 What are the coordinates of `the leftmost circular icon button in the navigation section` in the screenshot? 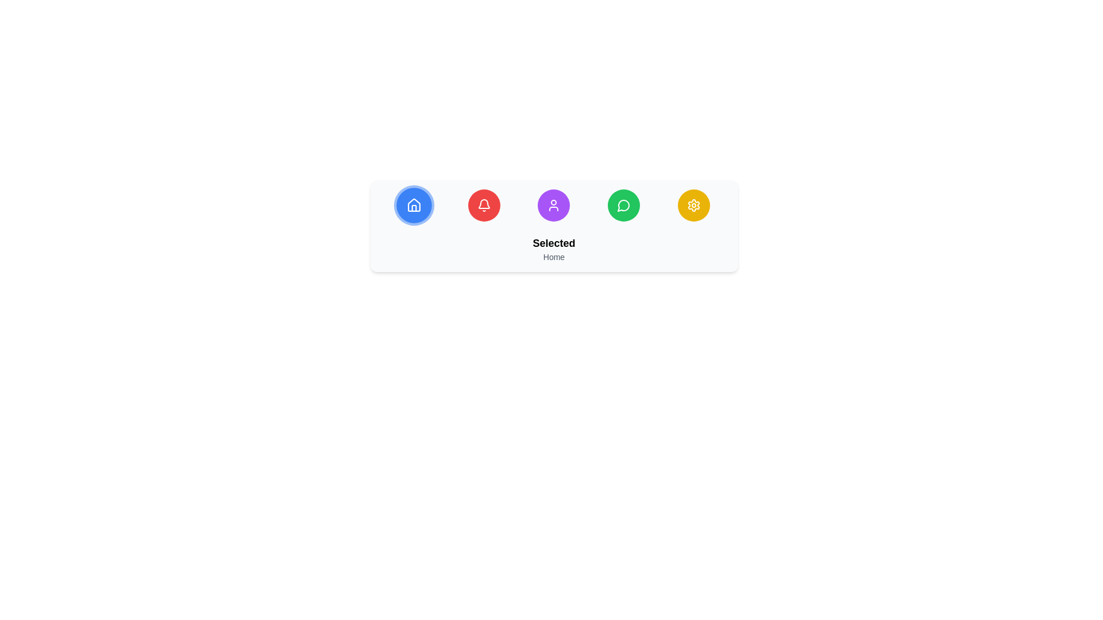 It's located at (414, 205).